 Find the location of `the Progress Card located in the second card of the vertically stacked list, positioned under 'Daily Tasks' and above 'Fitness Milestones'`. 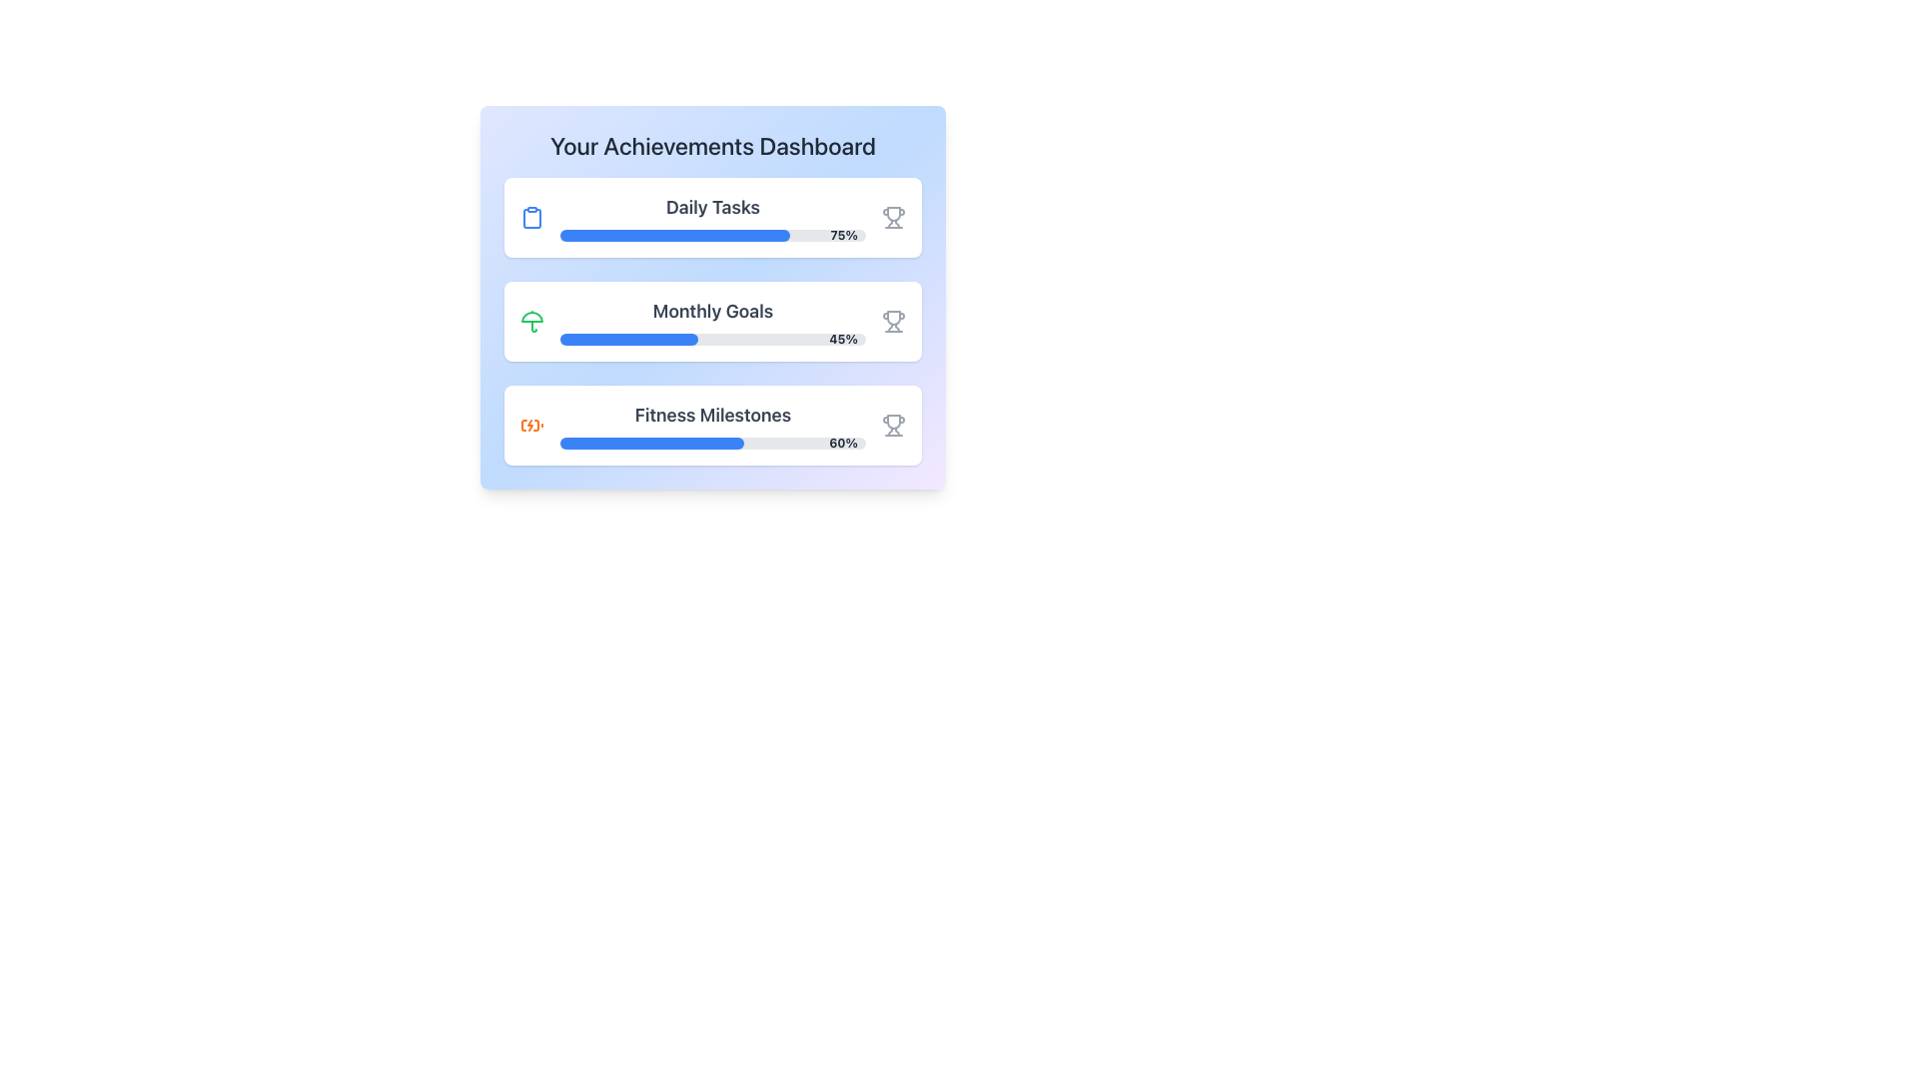

the Progress Card located in the second card of the vertically stacked list, positioned under 'Daily Tasks' and above 'Fitness Milestones' is located at coordinates (713, 320).